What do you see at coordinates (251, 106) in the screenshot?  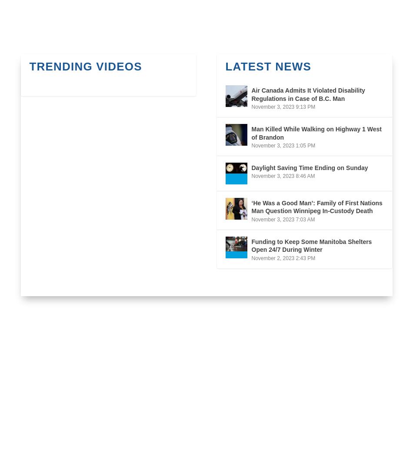 I see `'November 3, 2023 9:13 PM'` at bounding box center [251, 106].